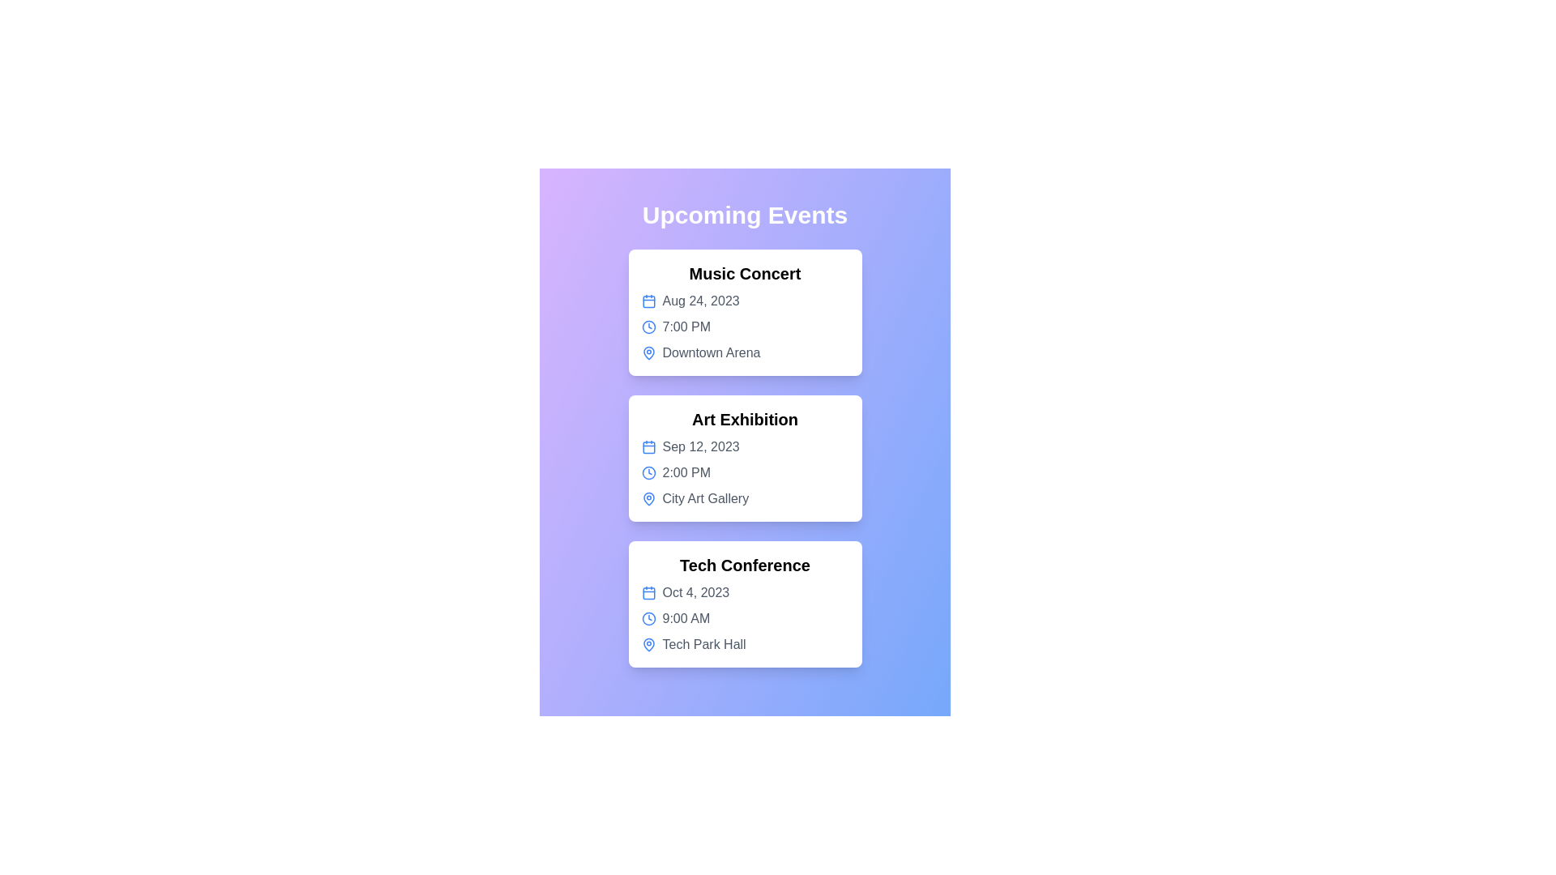 The width and height of the screenshot is (1556, 875). I want to click on the blue clock icon next to the time value associated with the 'Art Exhibition' entry in the event card layout for potential interactions, so click(648, 472).